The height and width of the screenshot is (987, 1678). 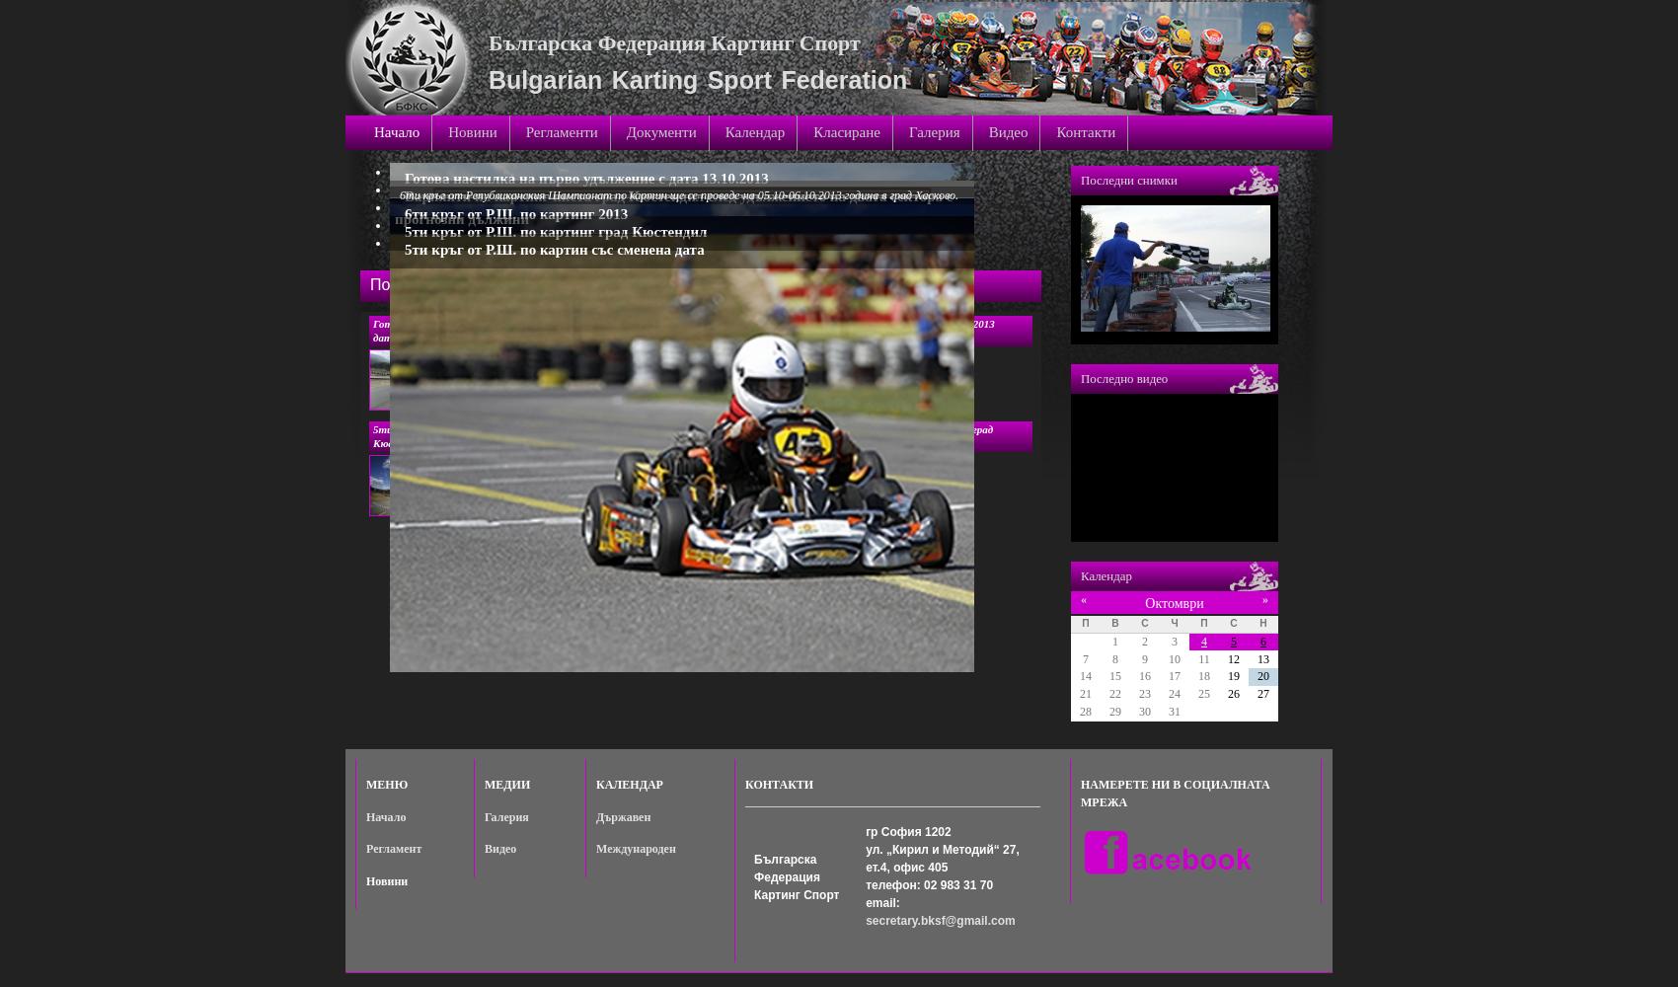 What do you see at coordinates (1233, 693) in the screenshot?
I see `'26'` at bounding box center [1233, 693].